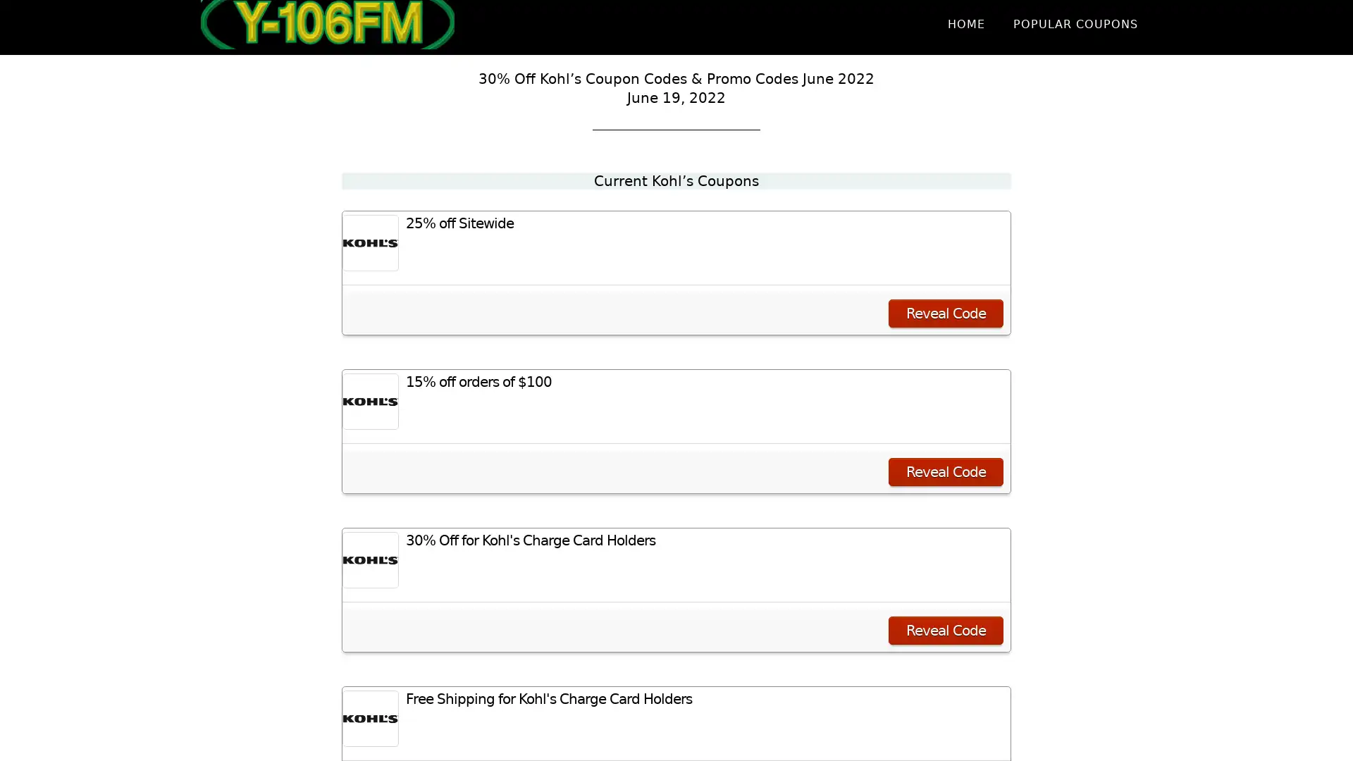 This screenshot has width=1353, height=761. Describe the element at coordinates (946, 472) in the screenshot. I see `Reveal Code` at that location.